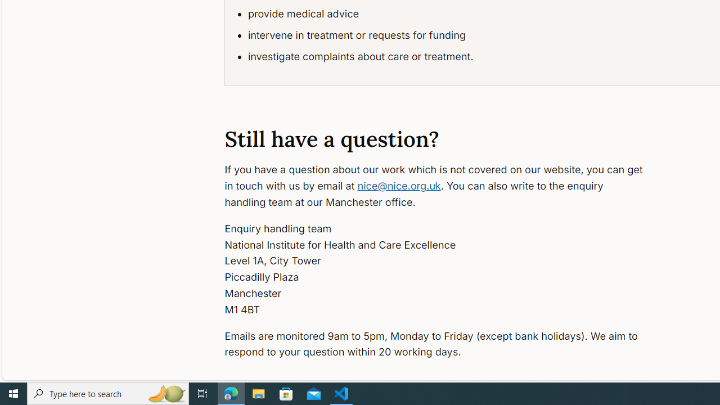  What do you see at coordinates (399, 185) in the screenshot?
I see `'nice@nice.org.uk'` at bounding box center [399, 185].